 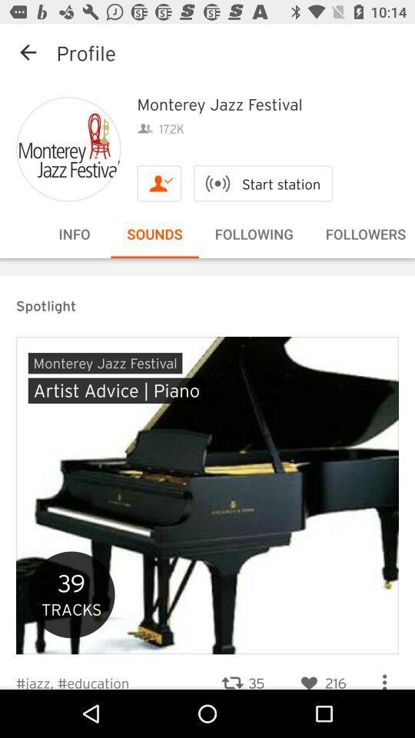 I want to click on follow or unfollow, so click(x=158, y=183).